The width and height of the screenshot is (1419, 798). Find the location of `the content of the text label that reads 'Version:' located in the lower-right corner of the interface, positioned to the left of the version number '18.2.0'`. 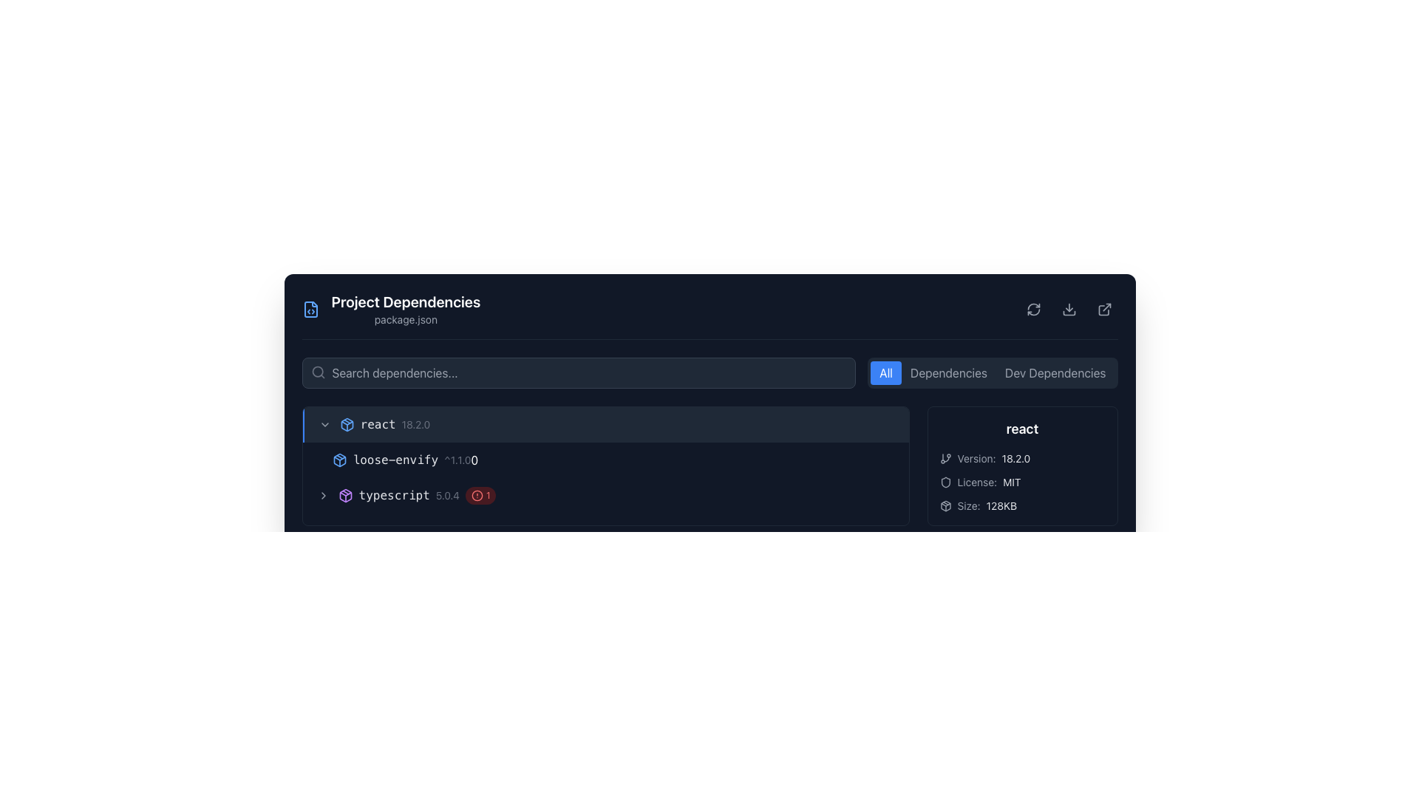

the content of the text label that reads 'Version:' located in the lower-right corner of the interface, positioned to the left of the version number '18.2.0' is located at coordinates (976, 458).